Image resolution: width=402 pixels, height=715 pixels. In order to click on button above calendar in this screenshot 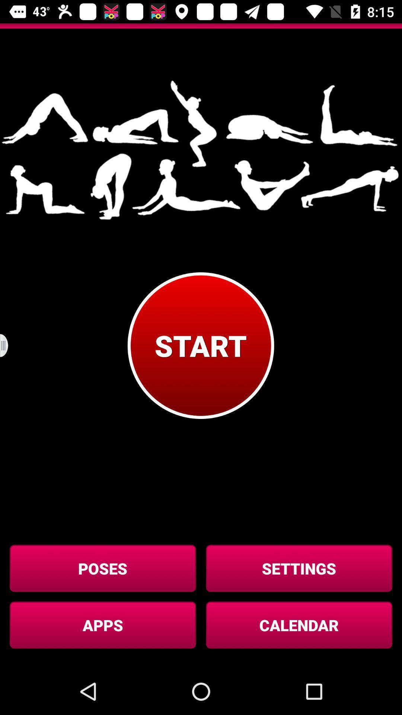, I will do `click(299, 568)`.